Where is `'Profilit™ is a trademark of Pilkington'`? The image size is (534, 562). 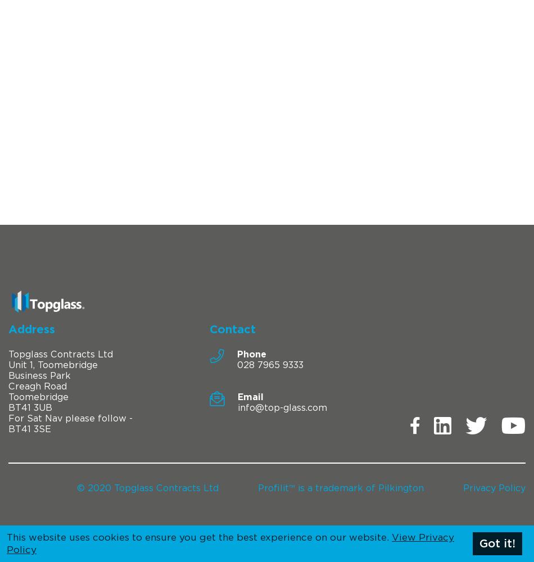
'Profilit™ is a trademark of Pilkington' is located at coordinates (341, 487).